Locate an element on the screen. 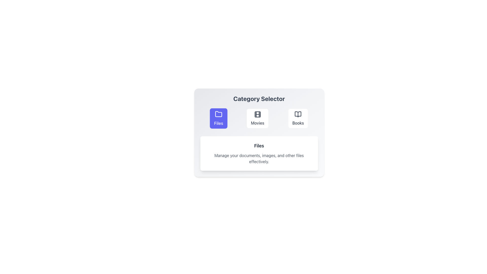  the 'Movies' button, which features a movie reel graphic and the label 'Movies' below it is located at coordinates (257, 118).